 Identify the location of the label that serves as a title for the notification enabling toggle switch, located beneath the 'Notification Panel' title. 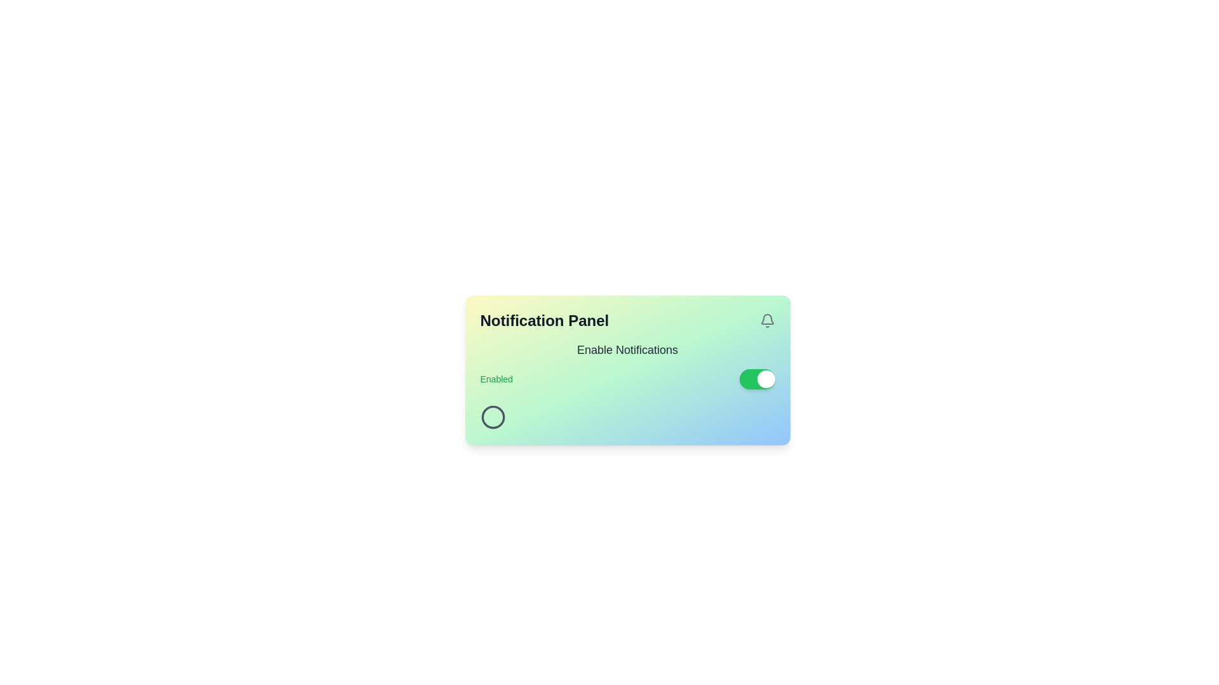
(627, 349).